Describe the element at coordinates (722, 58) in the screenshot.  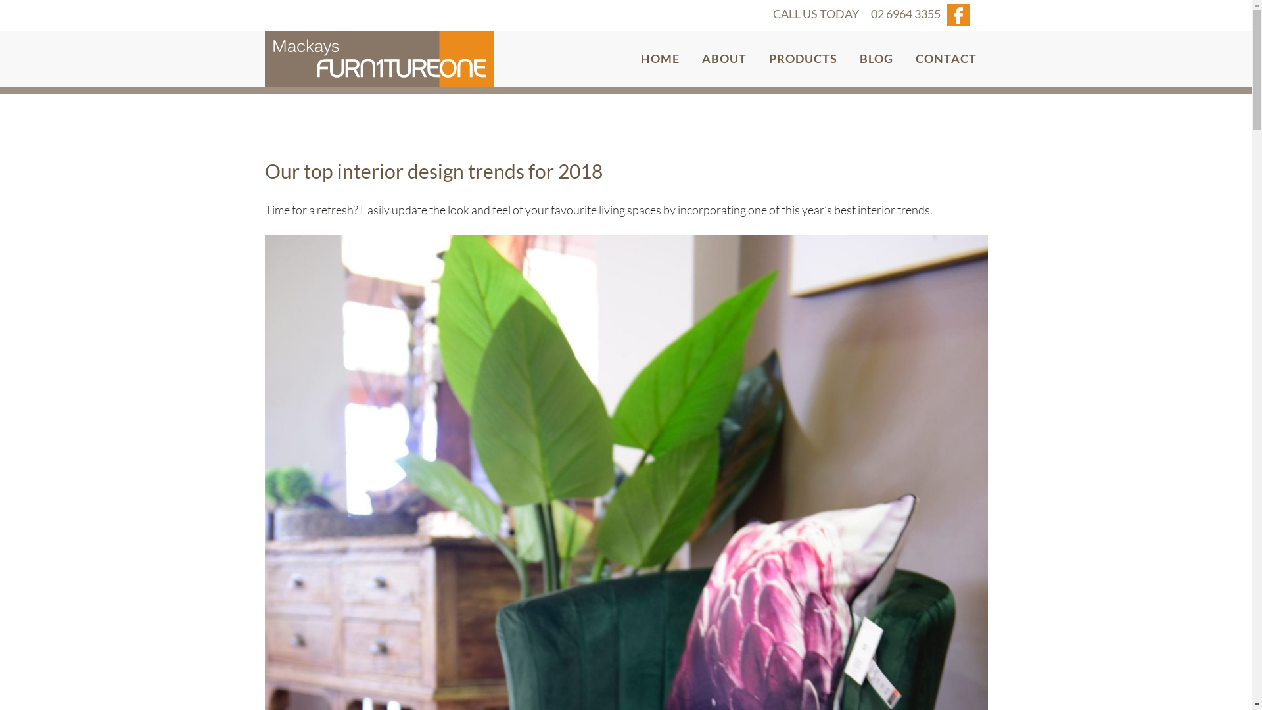
I see `'ABOUT'` at that location.